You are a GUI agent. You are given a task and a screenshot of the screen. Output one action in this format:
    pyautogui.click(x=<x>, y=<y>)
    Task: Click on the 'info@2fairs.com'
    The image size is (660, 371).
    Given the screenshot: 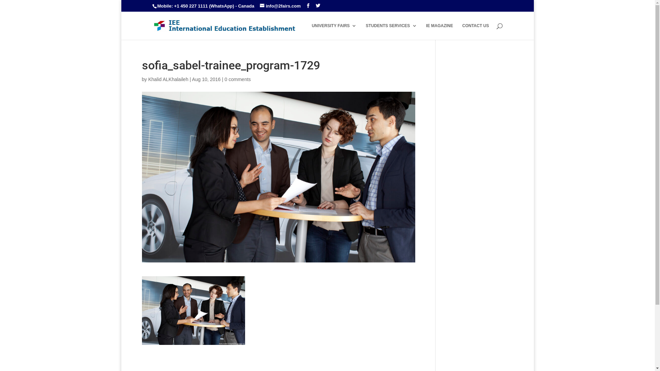 What is the action you would take?
    pyautogui.click(x=280, y=6)
    